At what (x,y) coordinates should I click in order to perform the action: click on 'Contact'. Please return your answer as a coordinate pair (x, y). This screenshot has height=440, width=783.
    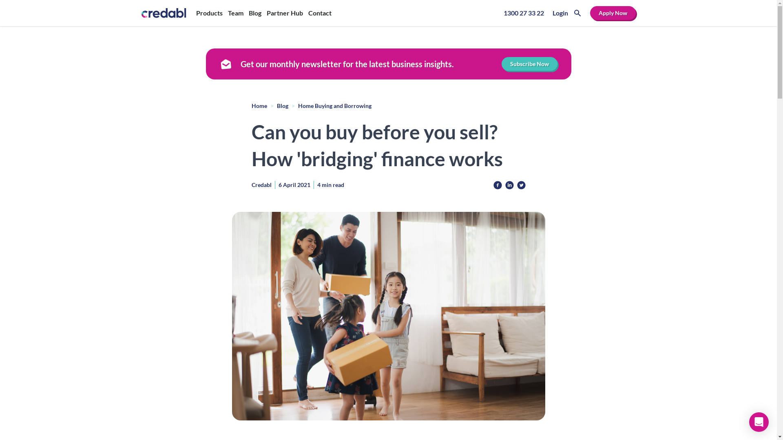
    Looking at the image, I should click on (307, 13).